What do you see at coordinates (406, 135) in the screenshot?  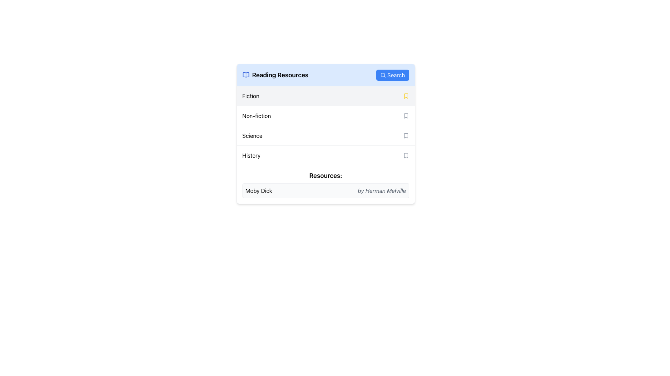 I see `the gray bookmark icon with rounded edges located within the 'Science' row` at bounding box center [406, 135].